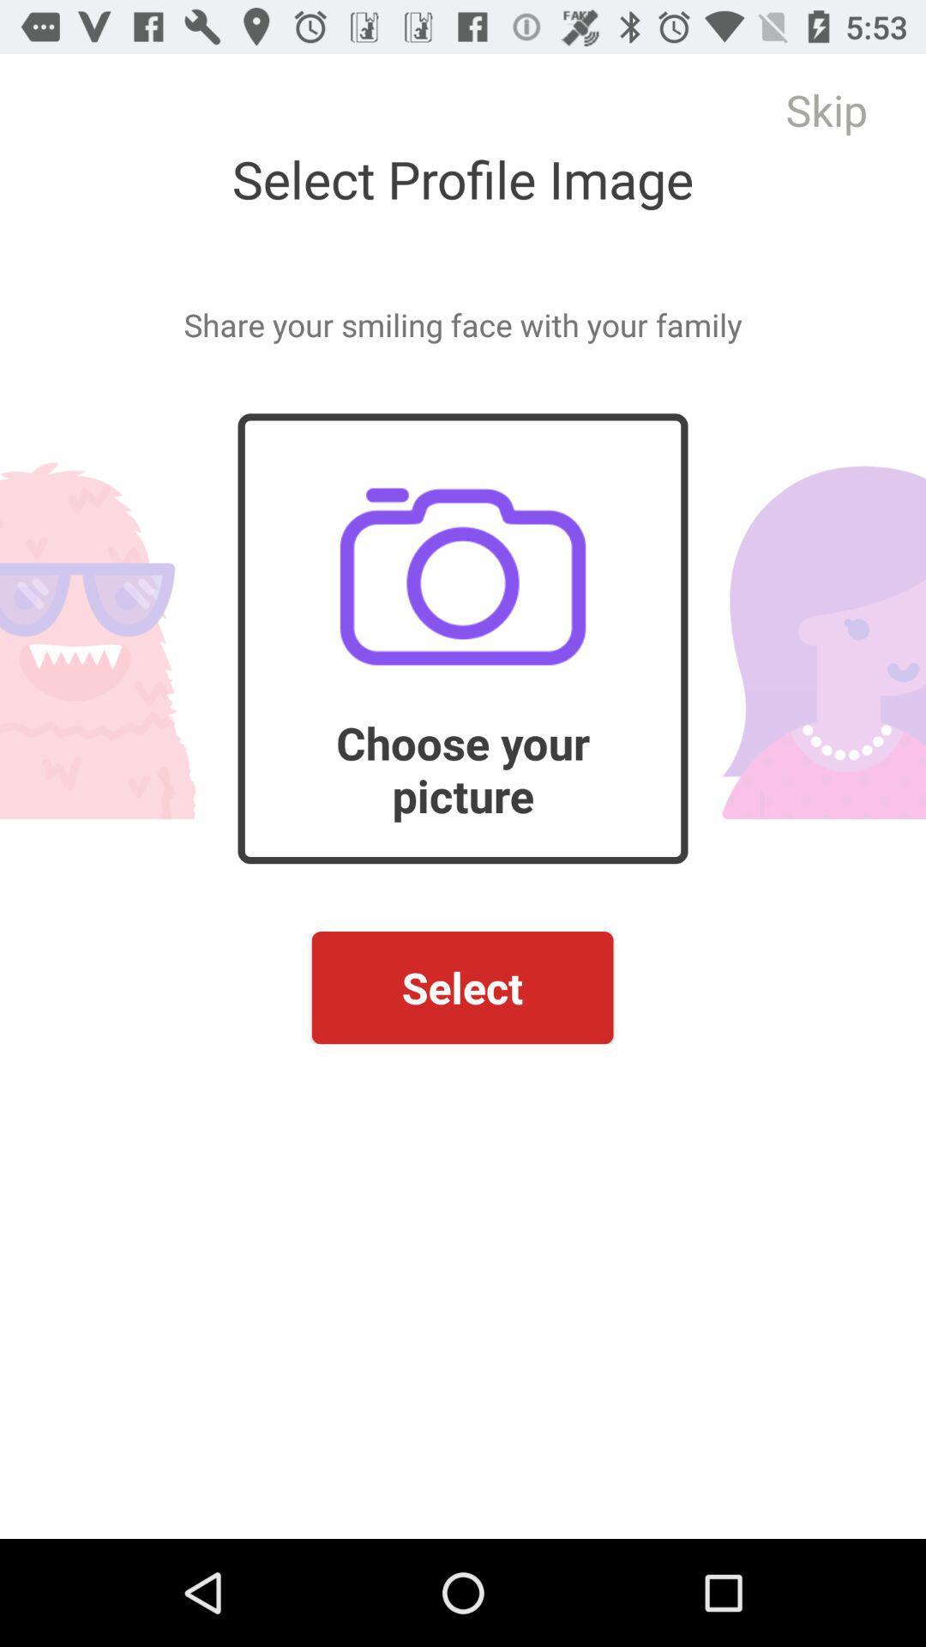  What do you see at coordinates (826, 109) in the screenshot?
I see `the item at the top right corner` at bounding box center [826, 109].